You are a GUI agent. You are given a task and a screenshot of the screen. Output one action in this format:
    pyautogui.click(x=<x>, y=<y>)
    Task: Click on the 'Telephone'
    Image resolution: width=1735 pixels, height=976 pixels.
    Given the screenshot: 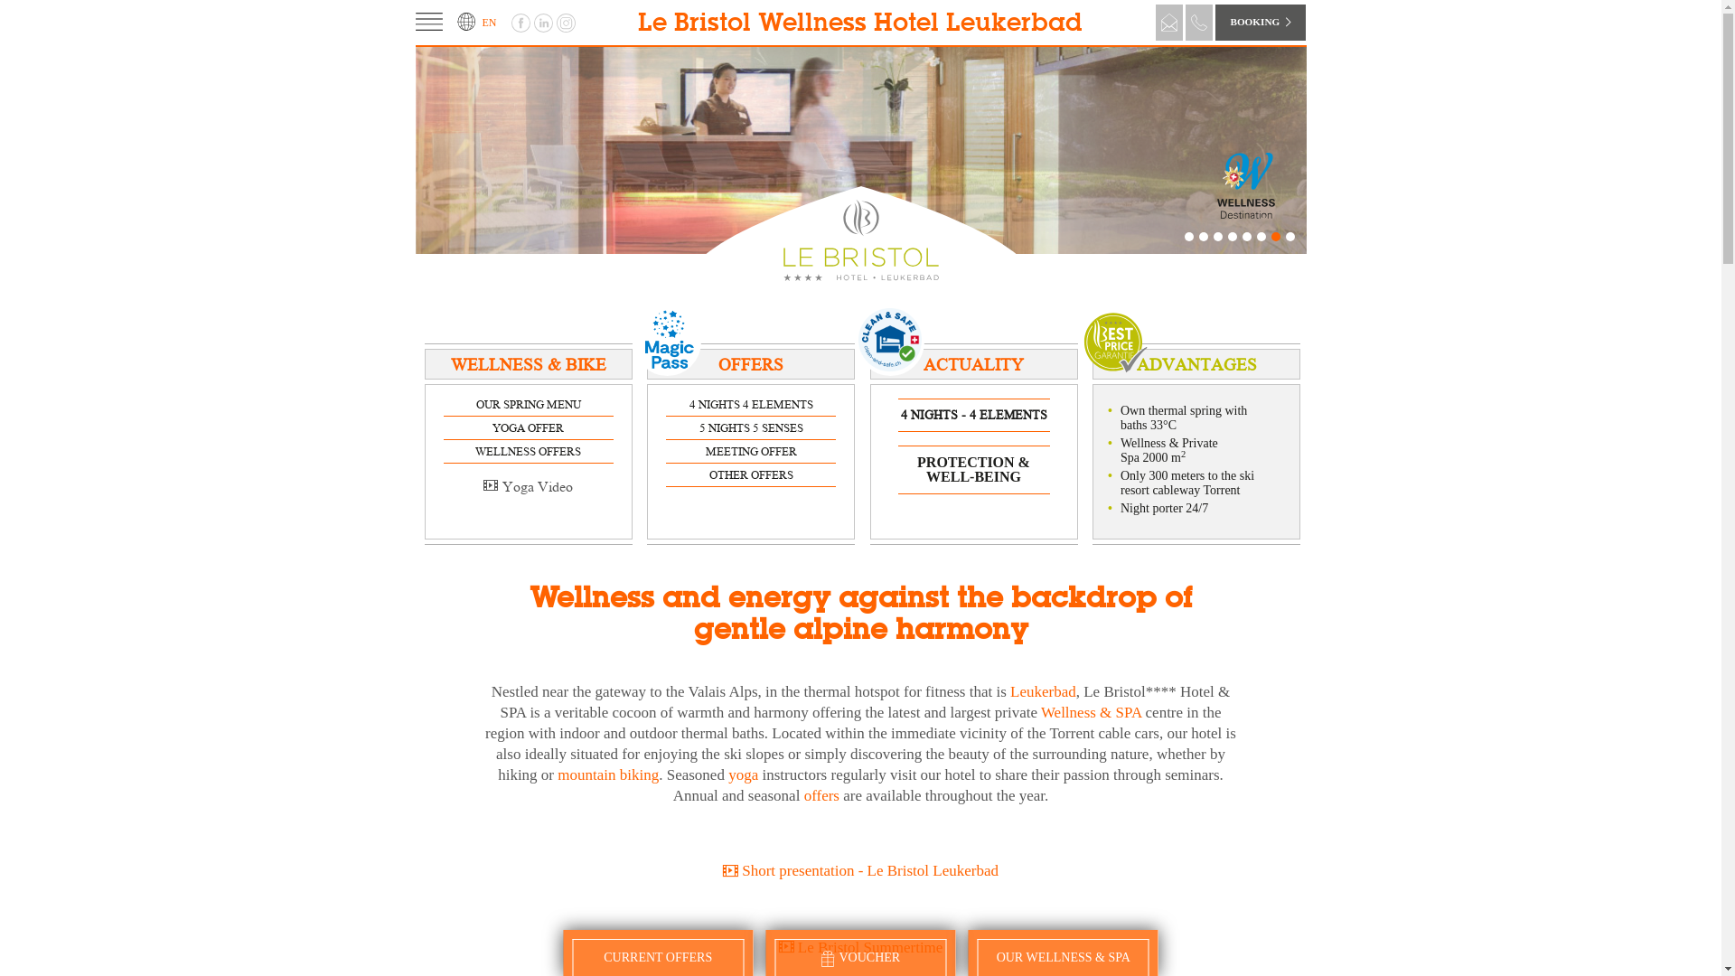 What is the action you would take?
    pyautogui.click(x=1198, y=21)
    